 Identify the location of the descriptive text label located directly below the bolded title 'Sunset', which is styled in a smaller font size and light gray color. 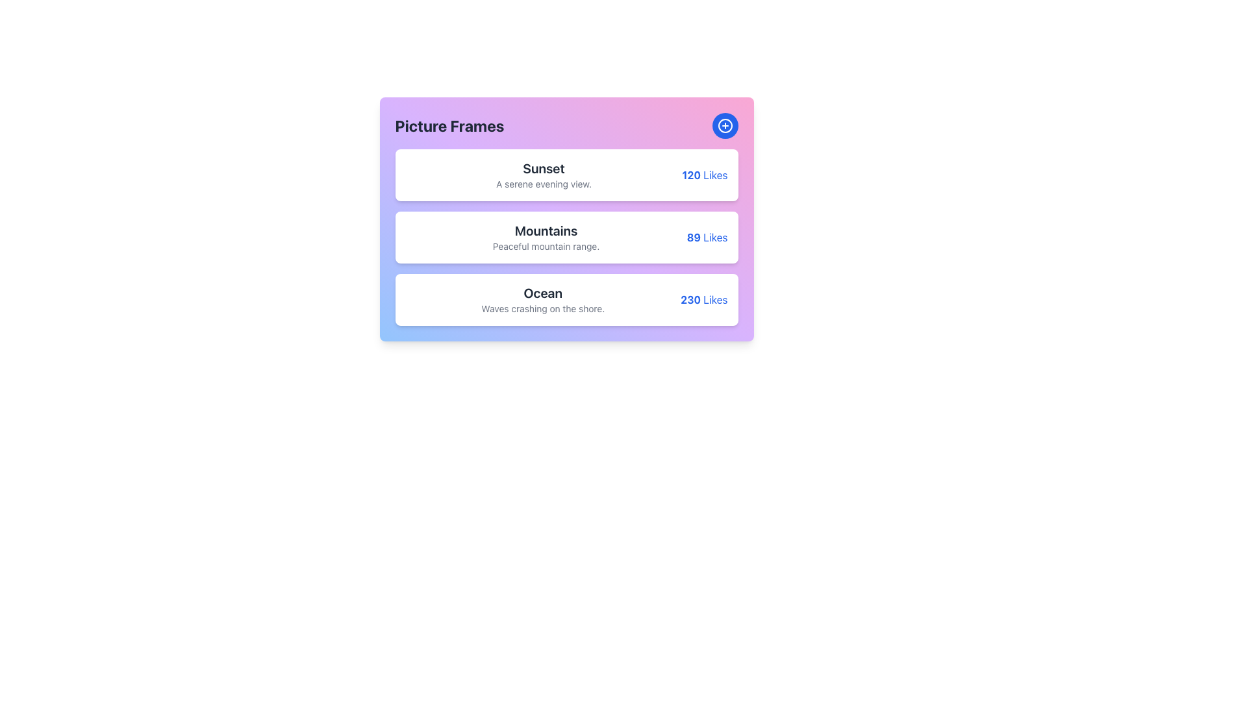
(544, 184).